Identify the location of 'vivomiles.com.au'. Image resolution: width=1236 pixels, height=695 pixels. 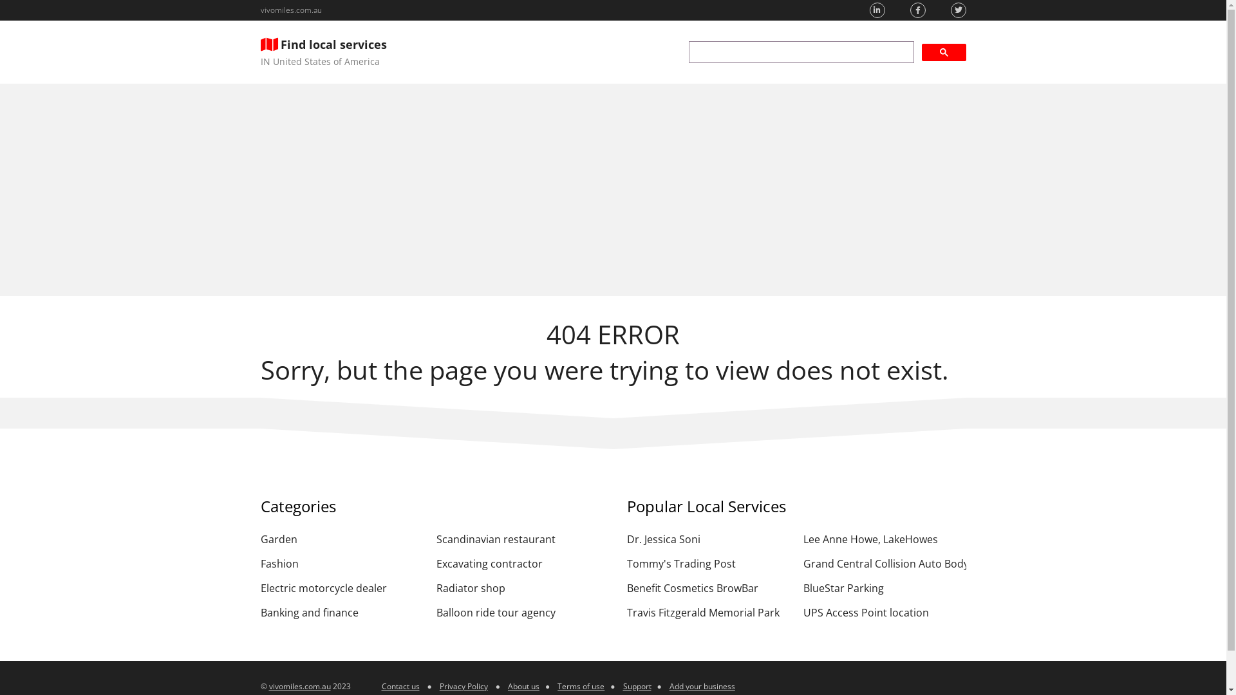
(290, 10).